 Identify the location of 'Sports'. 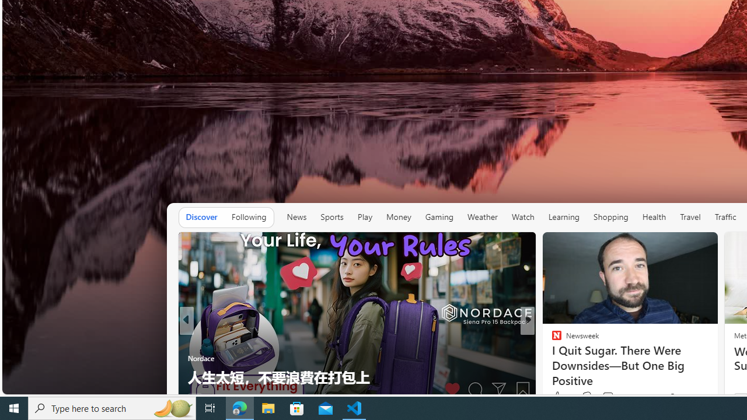
(331, 216).